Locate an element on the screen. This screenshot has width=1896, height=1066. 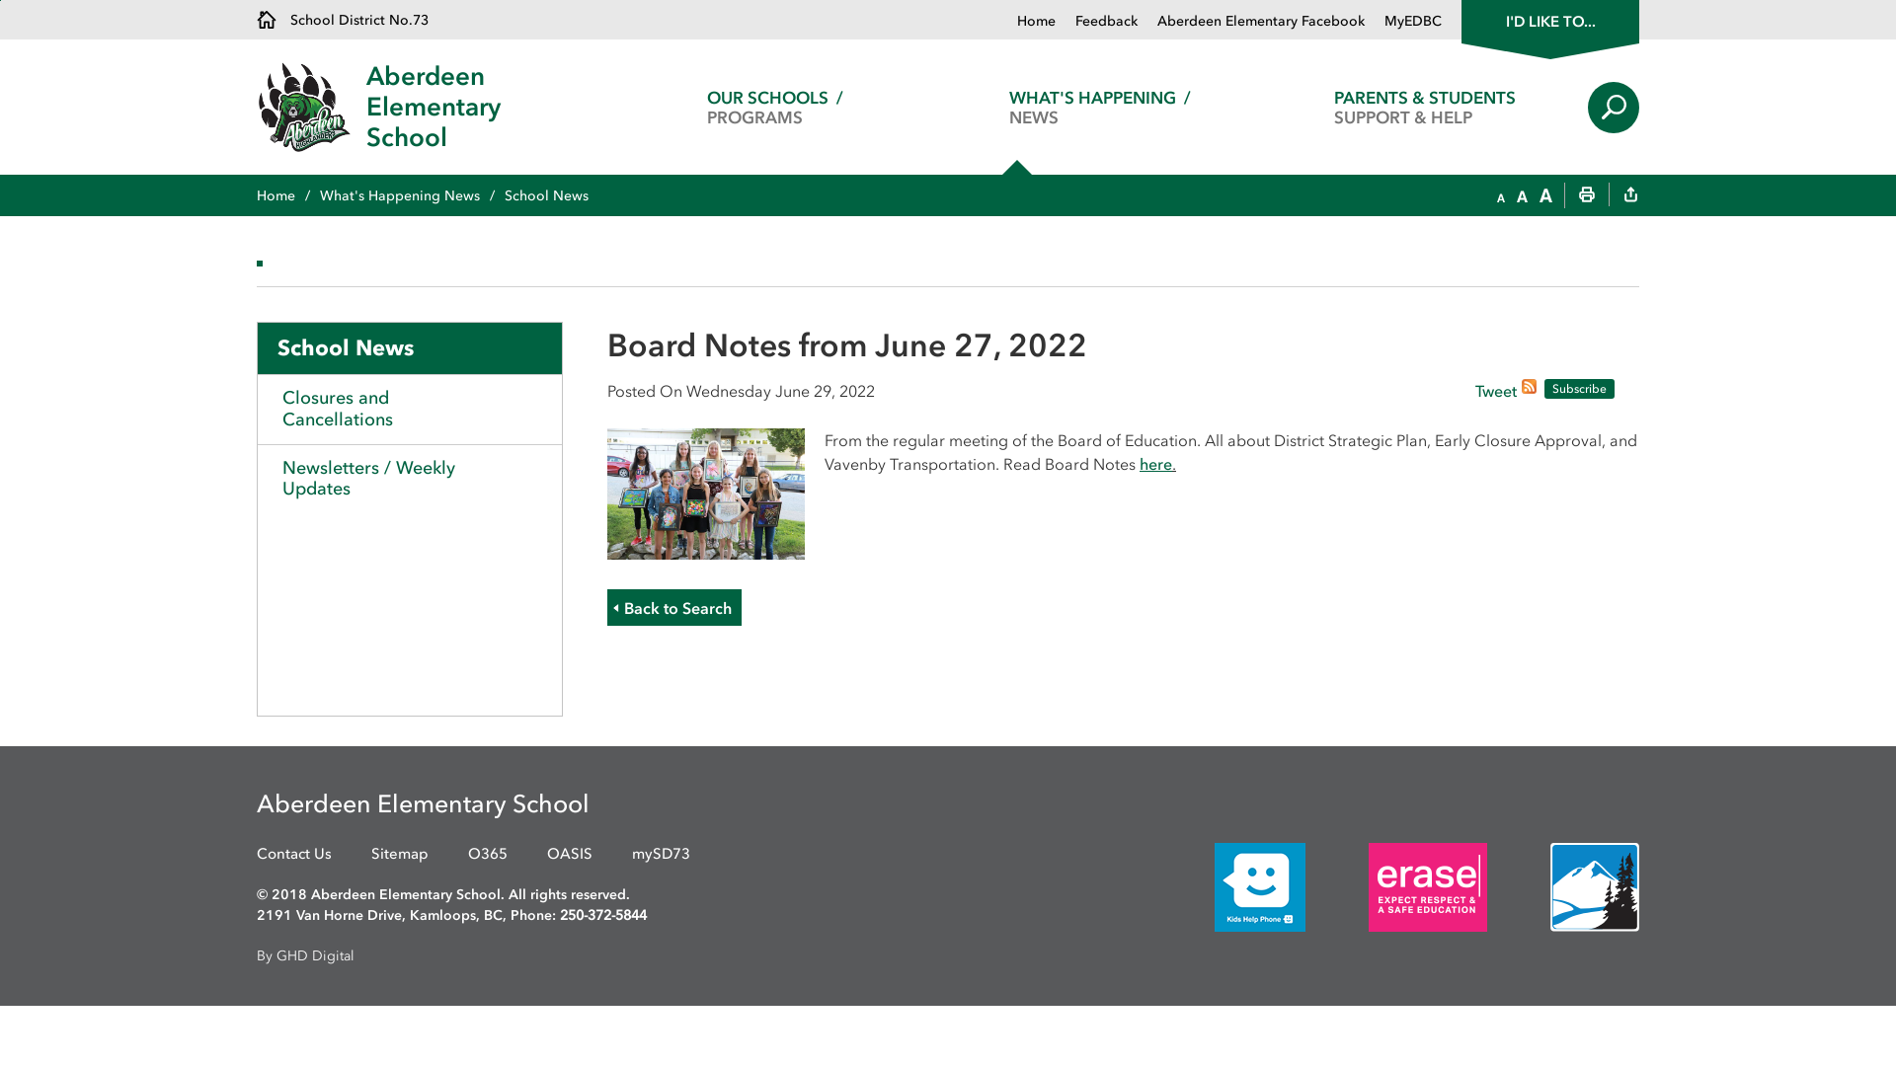
'OUR SCHOOLS is located at coordinates (773, 107).